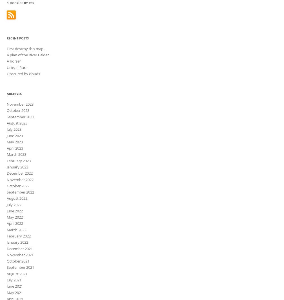  What do you see at coordinates (17, 67) in the screenshot?
I see `'Urbs in Rure'` at bounding box center [17, 67].